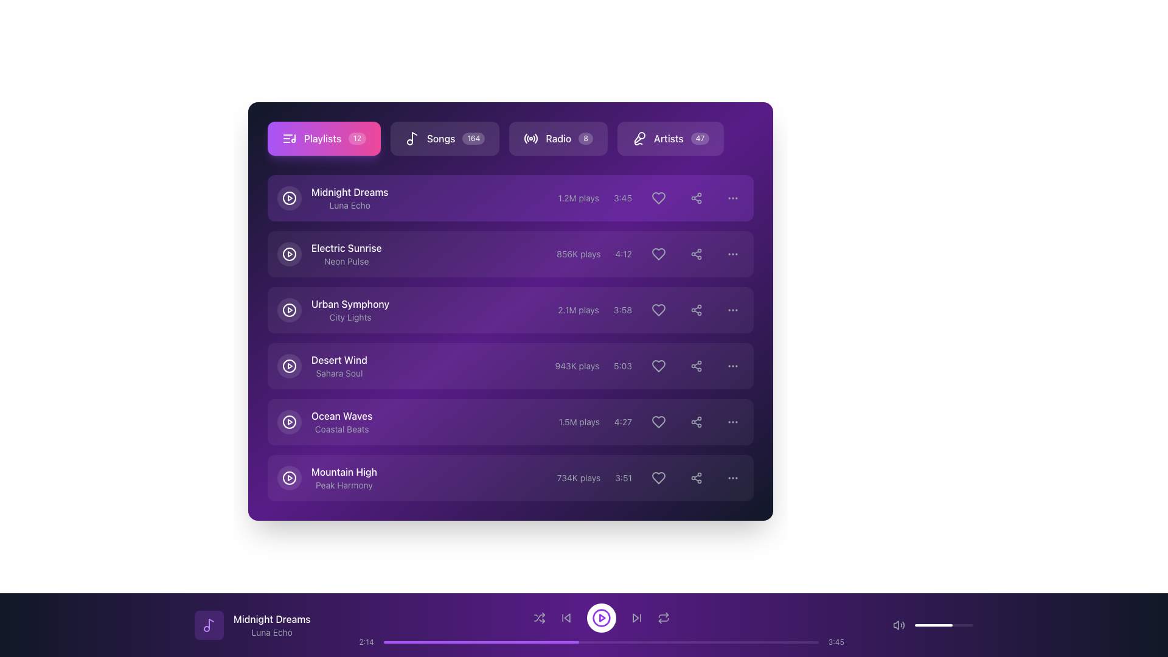  I want to click on the sharing button located on the rightmost side of the fifth row, next, so click(697, 422).